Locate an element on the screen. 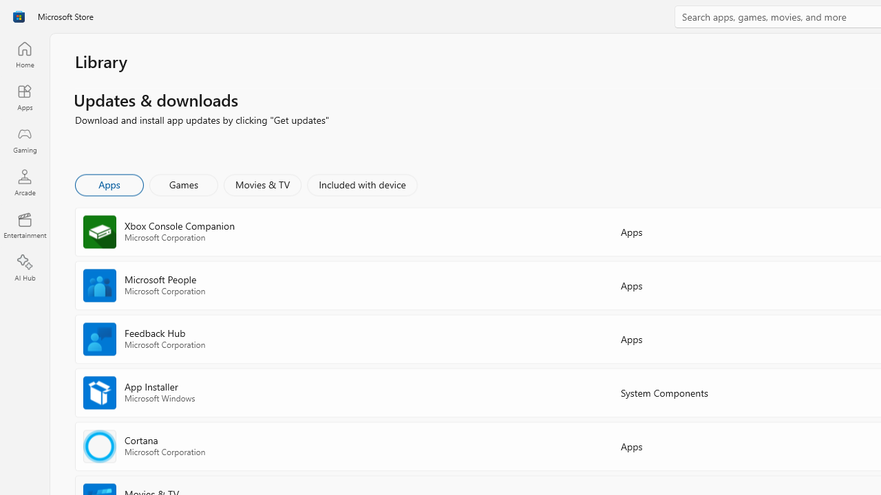  'Arcade' is located at coordinates (24, 181).